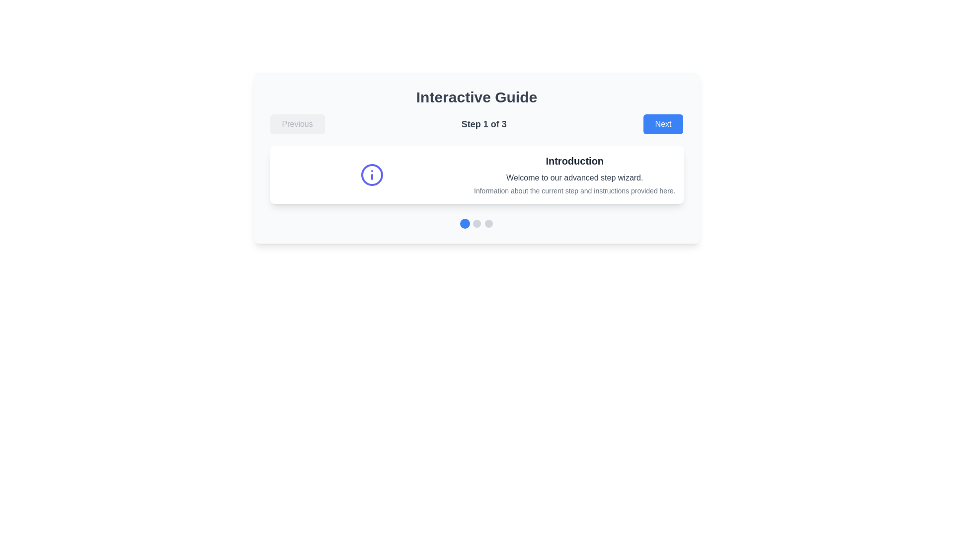  I want to click on the rightmost button in the navigation bar to proceed to the next step in the multi-step process, so click(663, 124).